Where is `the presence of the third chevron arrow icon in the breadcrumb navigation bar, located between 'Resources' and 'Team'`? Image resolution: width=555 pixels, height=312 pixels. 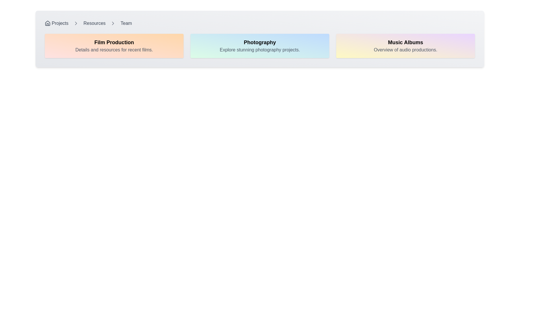
the presence of the third chevron arrow icon in the breadcrumb navigation bar, located between 'Resources' and 'Team' is located at coordinates (113, 23).